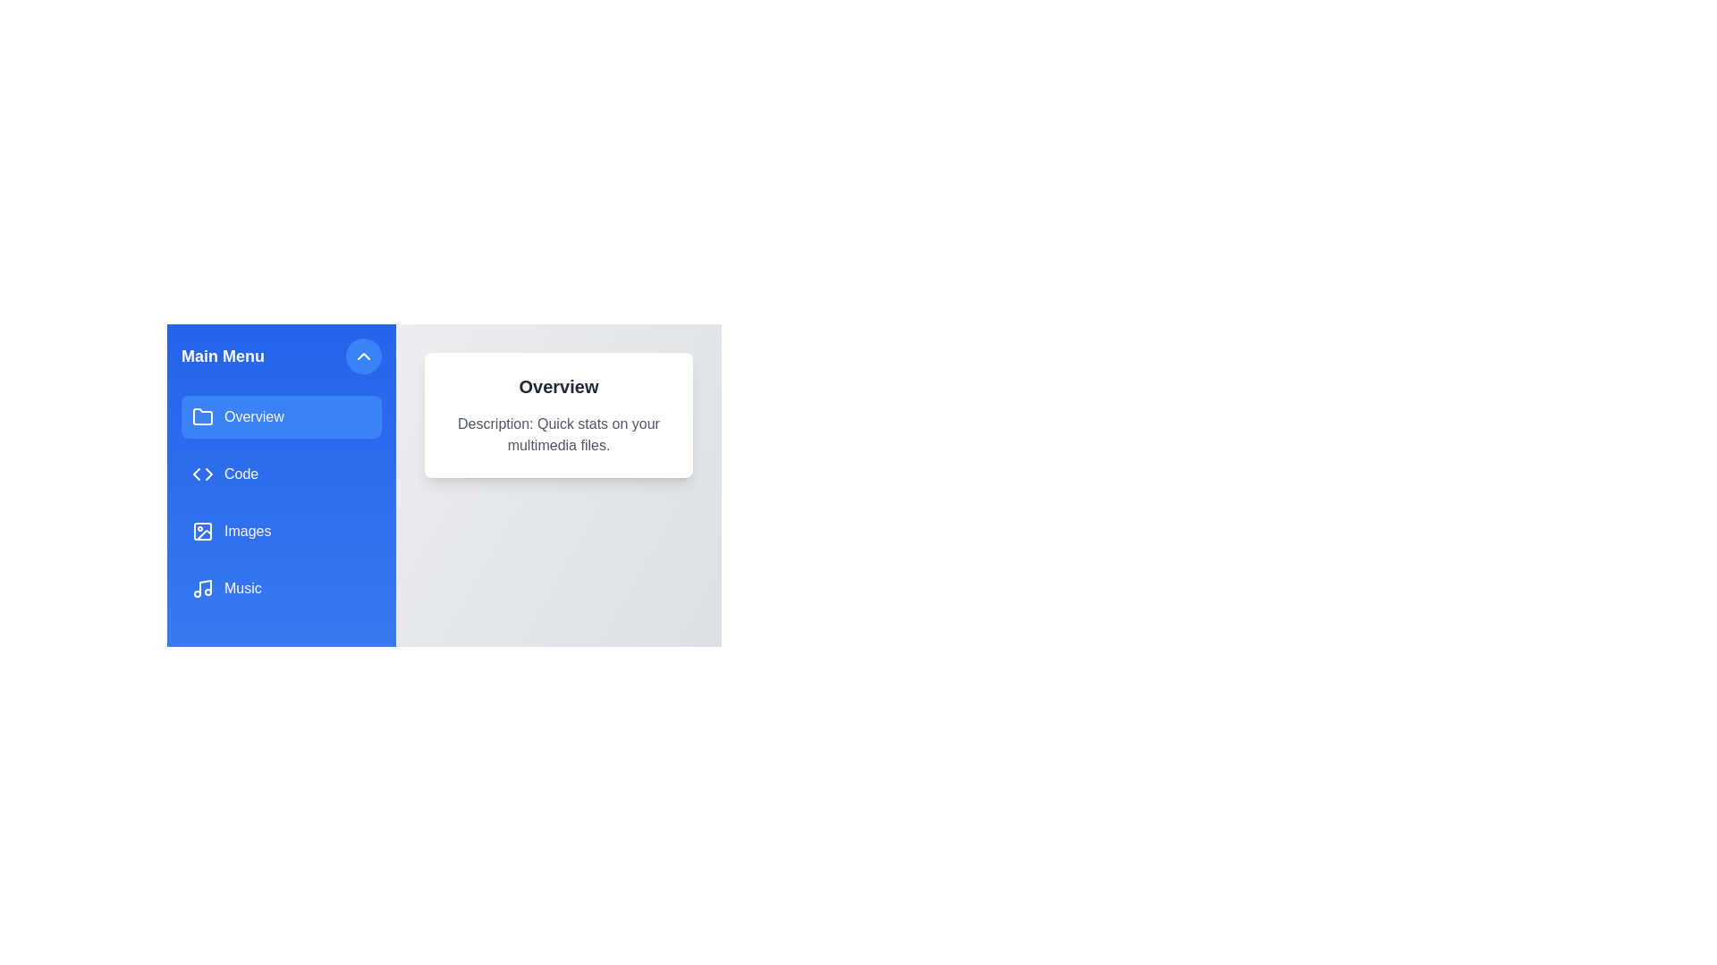 Image resolution: width=1717 pixels, height=965 pixels. What do you see at coordinates (202, 416) in the screenshot?
I see `the 'Overview' menu icon, which is a blue-highlighted SVG graphic located at the top left of the left-side vertical menu, before the text label 'Overview'` at bounding box center [202, 416].